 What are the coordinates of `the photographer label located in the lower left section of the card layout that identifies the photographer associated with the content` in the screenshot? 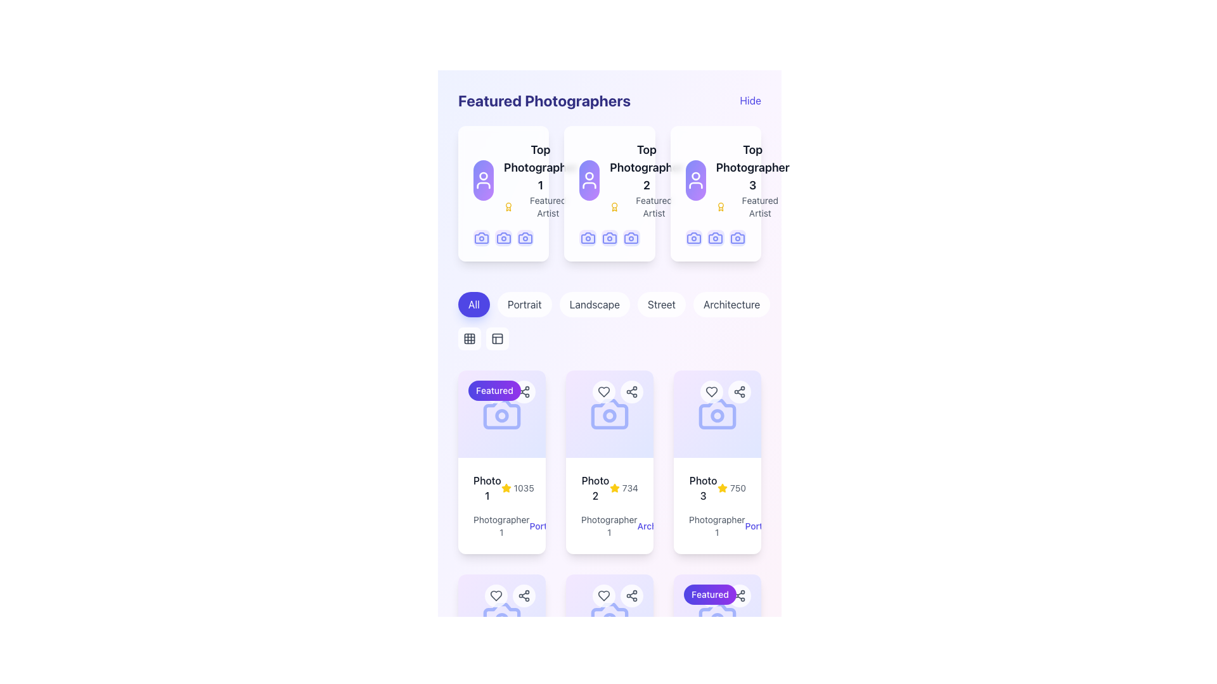 It's located at (501, 526).